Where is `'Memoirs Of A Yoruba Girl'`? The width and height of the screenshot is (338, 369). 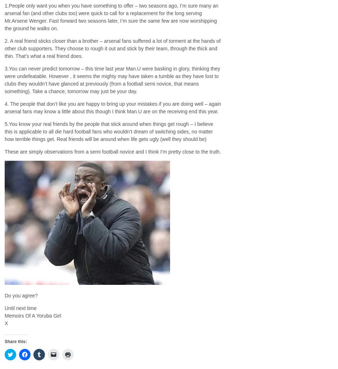 'Memoirs Of A Yoruba Girl' is located at coordinates (33, 315).